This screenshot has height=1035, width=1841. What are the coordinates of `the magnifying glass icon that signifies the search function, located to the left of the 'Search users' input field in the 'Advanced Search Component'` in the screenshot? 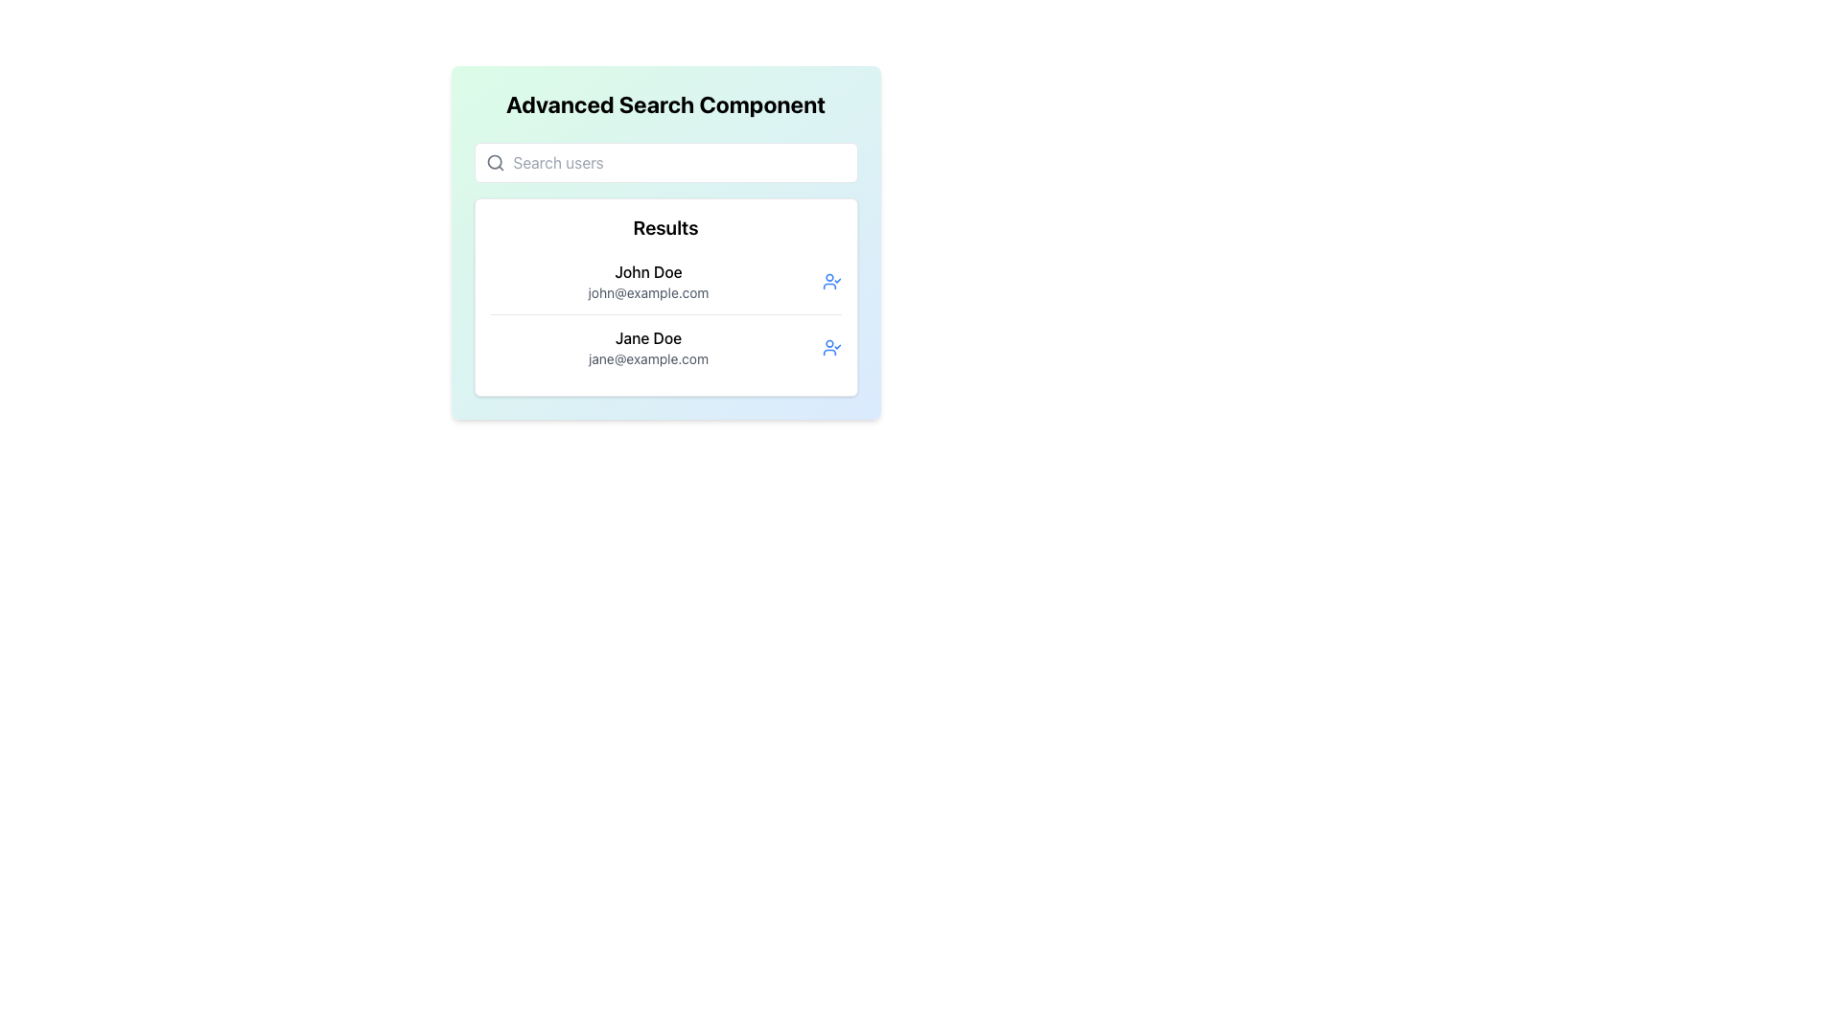 It's located at (495, 161).